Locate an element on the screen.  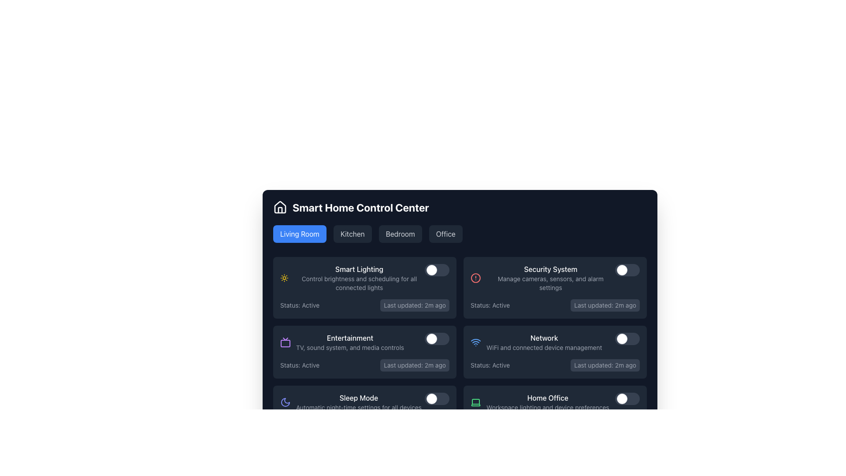
the 'Network' text block element with the accompanying WiFi icon, which features bold white text and a gray description, located in the second row and third column of the Smart Home Control Center interface is located at coordinates (554, 342).